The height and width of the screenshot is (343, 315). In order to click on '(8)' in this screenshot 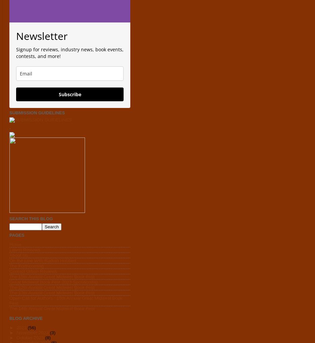, I will do `click(45, 337)`.